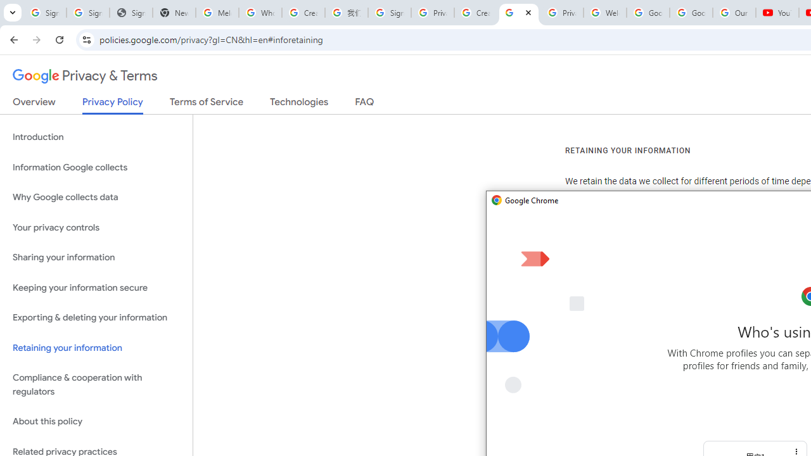  I want to click on 'Welcome to My Activity', so click(604, 13).